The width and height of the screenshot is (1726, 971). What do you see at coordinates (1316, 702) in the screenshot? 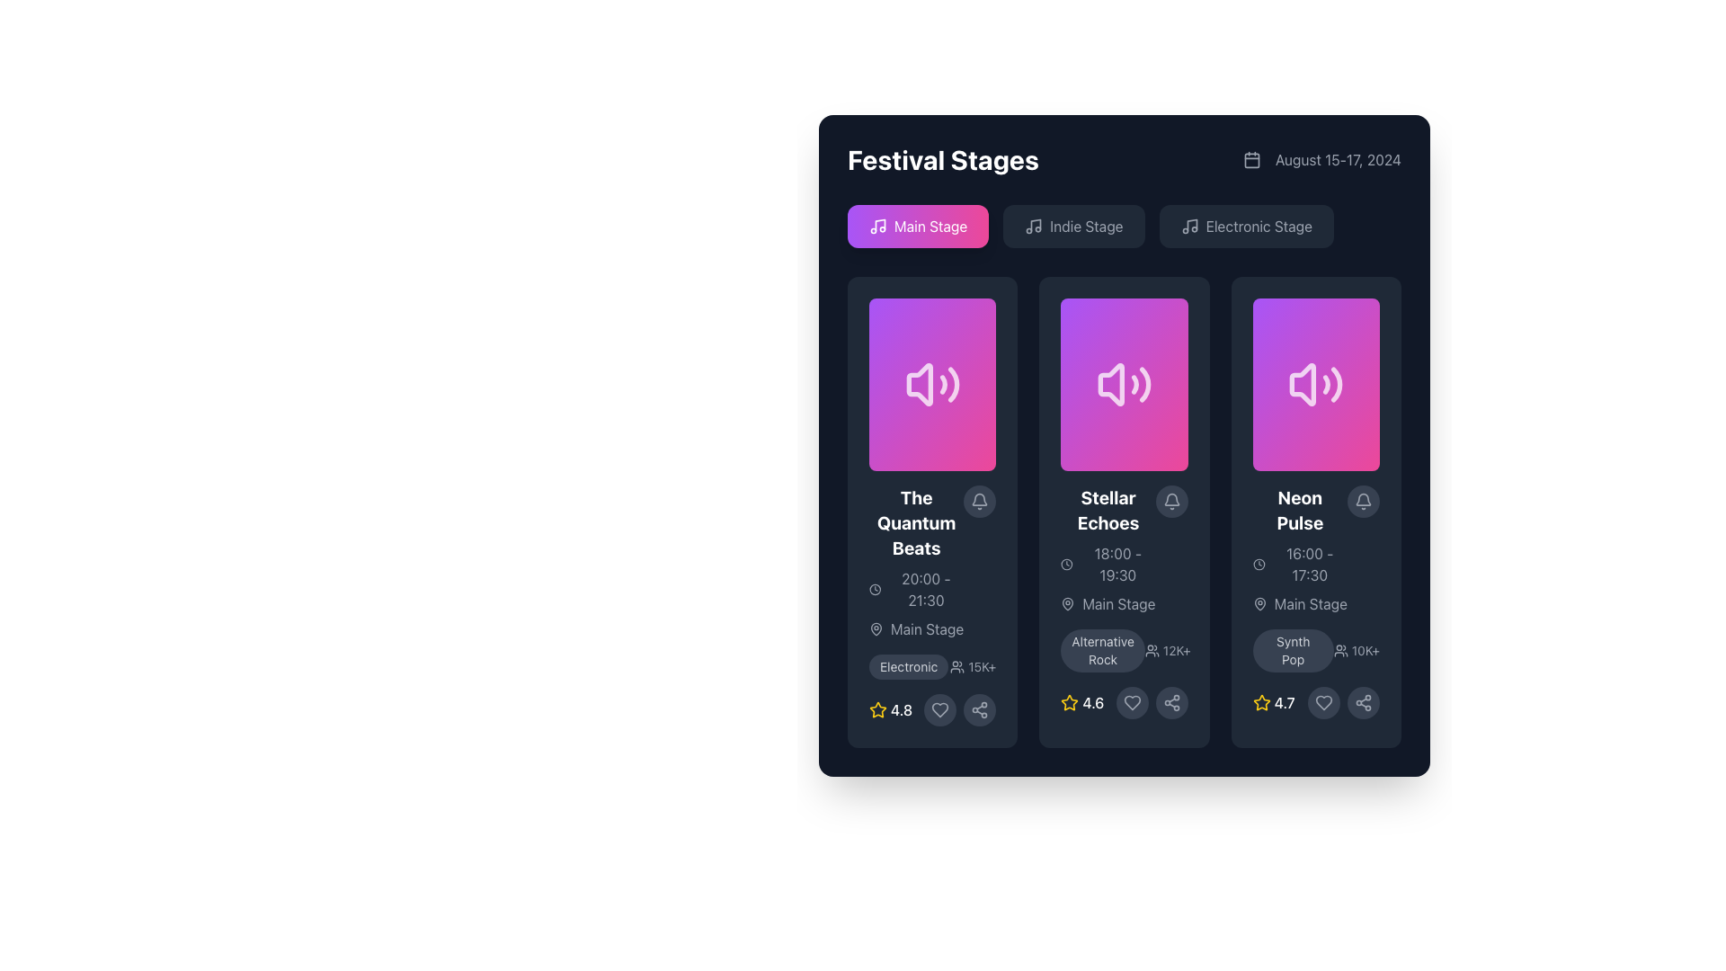
I see `the heart-shaped icon button outlined in light gray to like or favorite the 'Neon Pulse' card` at bounding box center [1316, 702].